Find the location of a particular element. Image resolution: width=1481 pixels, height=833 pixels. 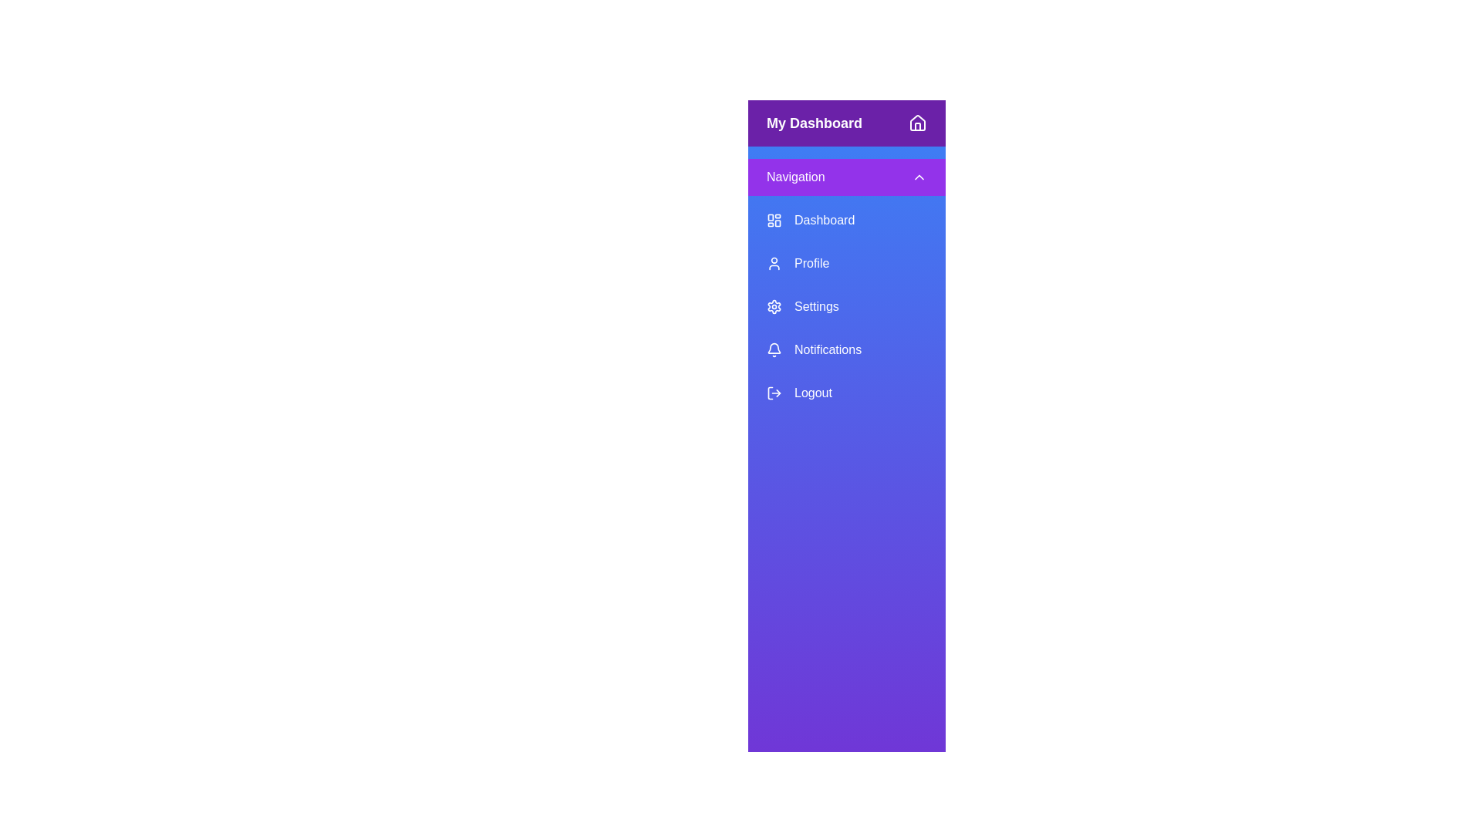

the 'Notifications' button with a blue background and a bell icon is located at coordinates (846, 350).